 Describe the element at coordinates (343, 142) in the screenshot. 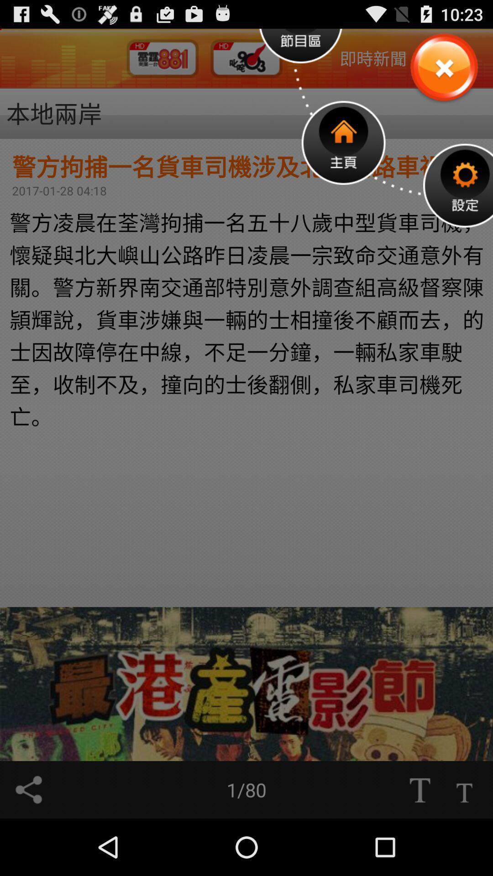

I see `home` at that location.